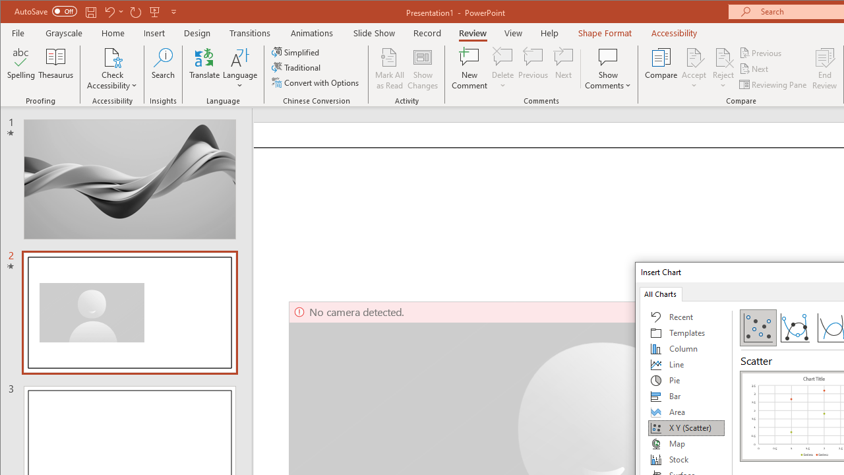 The height and width of the screenshot is (475, 844). I want to click on 'All Charts', so click(660, 293).